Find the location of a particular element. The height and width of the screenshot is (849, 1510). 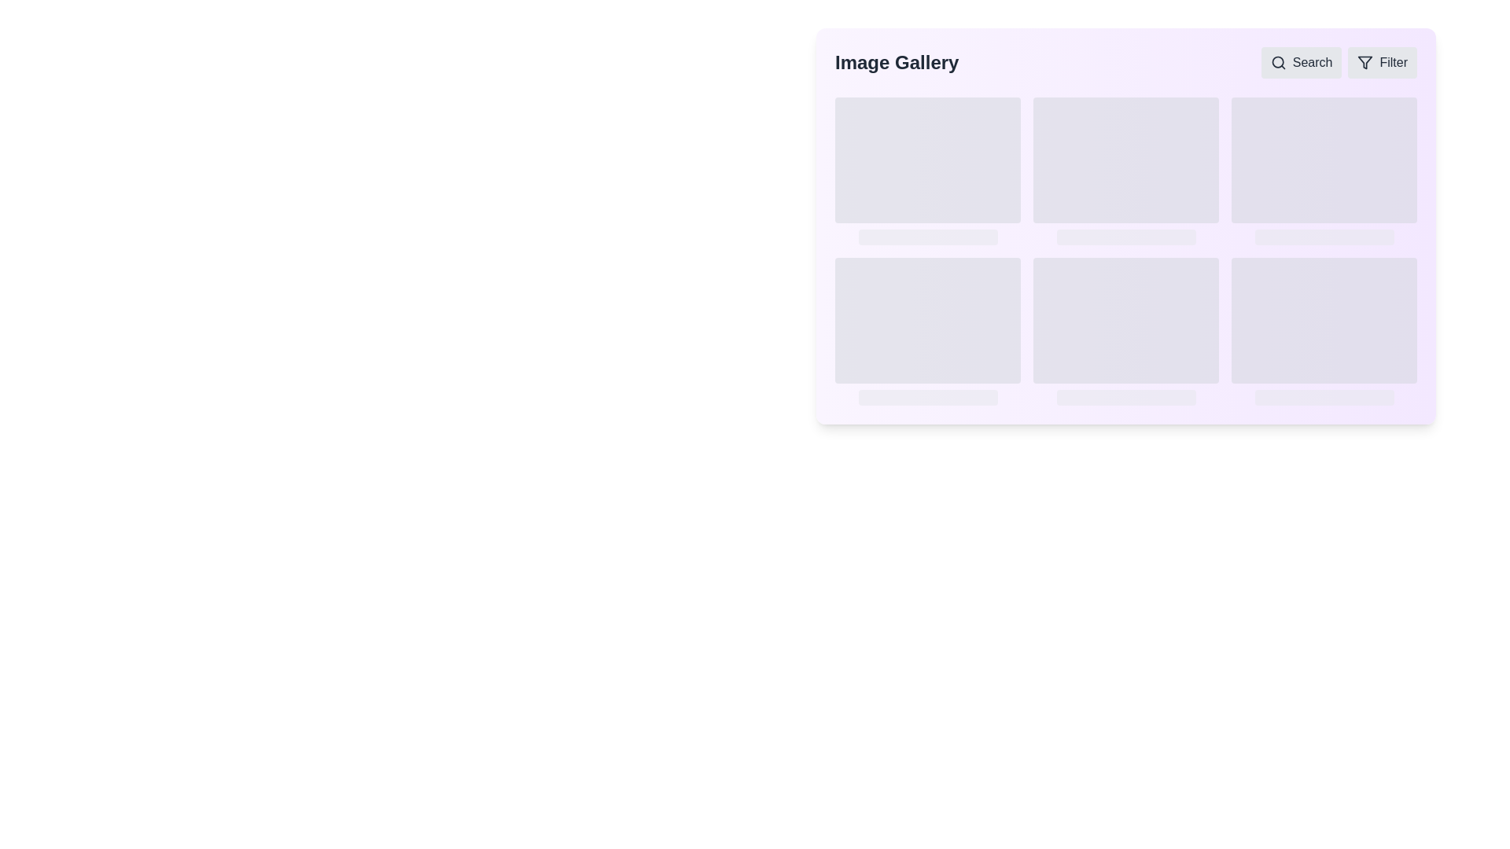

the filter icon located in the top-right control panel, adjacent to the 'Search' button is located at coordinates (1365, 62).